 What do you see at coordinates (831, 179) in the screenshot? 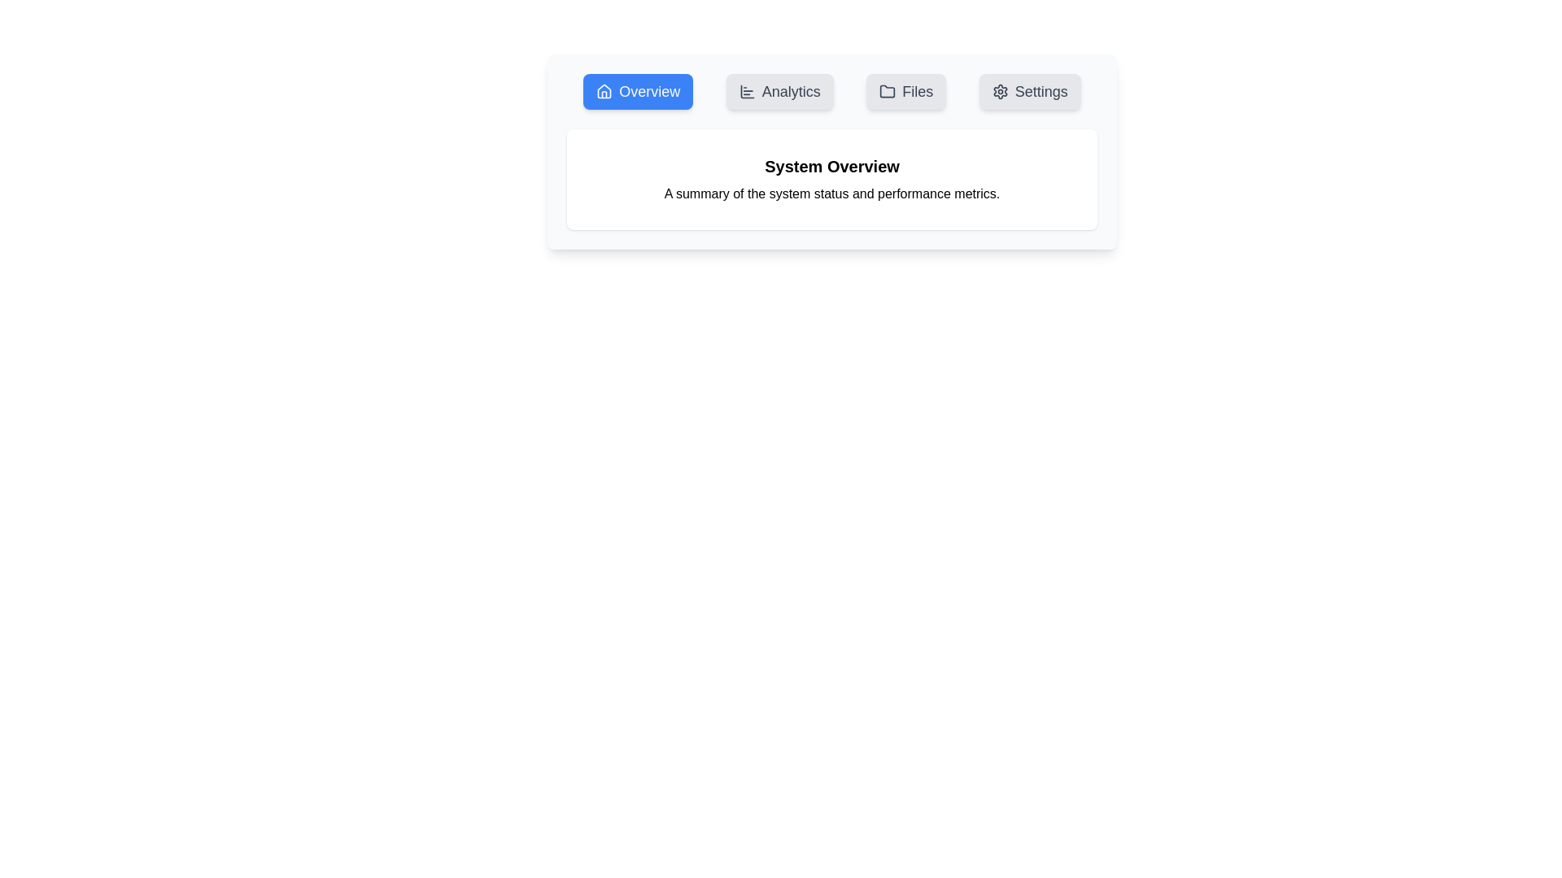
I see `the 'System Overview' text display section, which features a bold title and a subtitle centered within a rounded rectangle box` at bounding box center [831, 179].